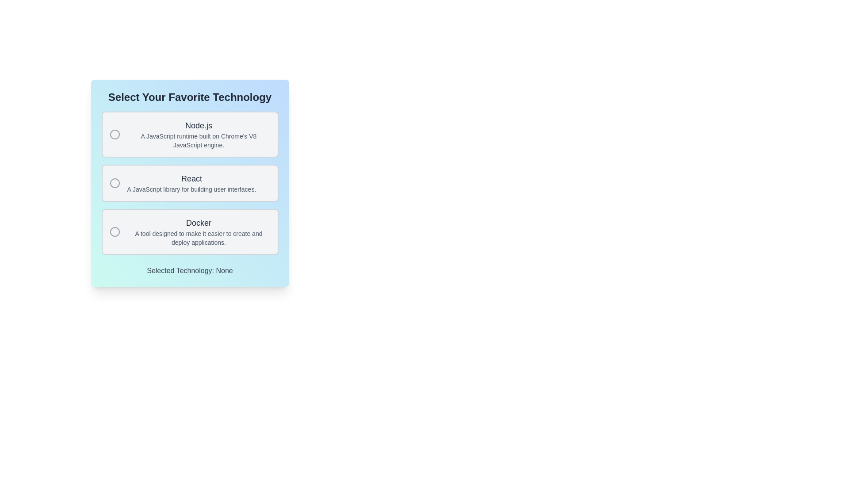  I want to click on the text label indicating the technology name 'Docker' at the center top of its grouping, which serves as a title or heading in the user interface, so click(198, 223).